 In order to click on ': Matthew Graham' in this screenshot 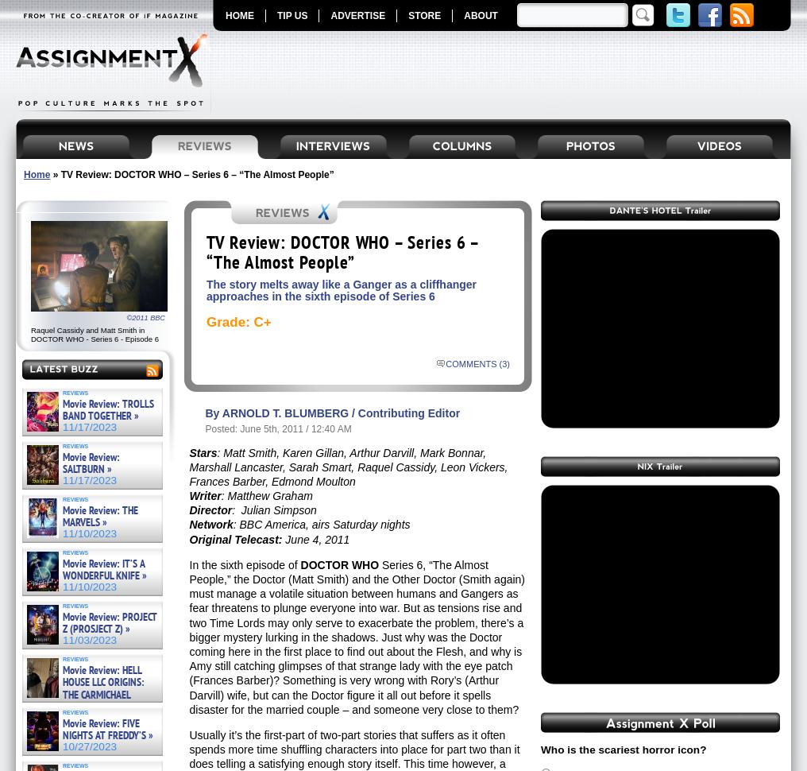, I will do `click(219, 496)`.